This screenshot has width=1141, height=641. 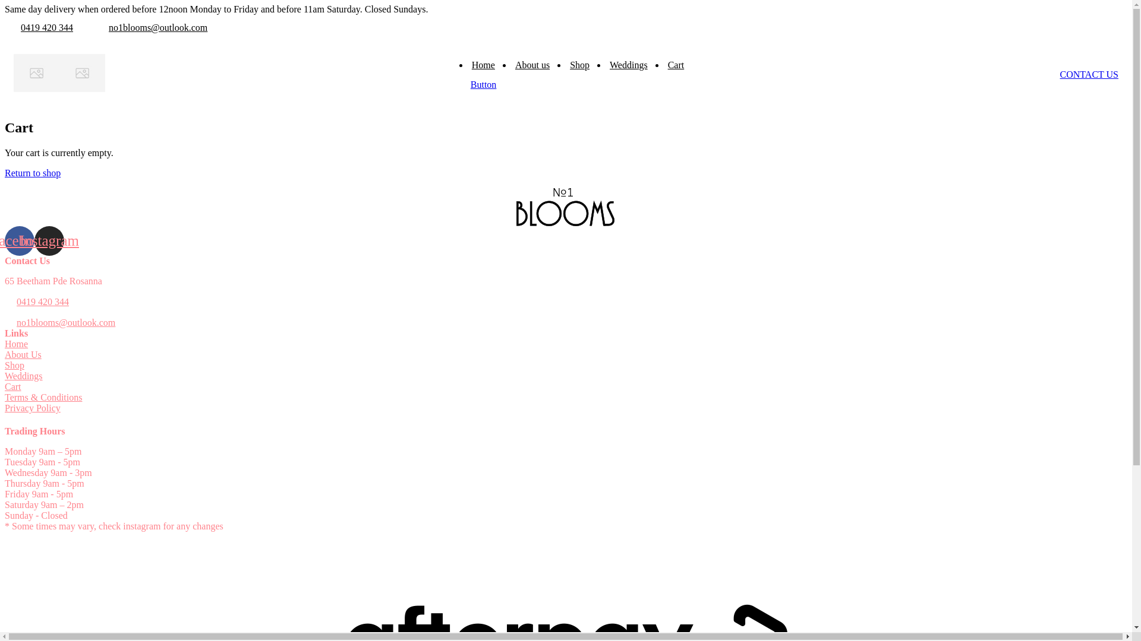 What do you see at coordinates (34, 240) in the screenshot?
I see `'Instagram'` at bounding box center [34, 240].